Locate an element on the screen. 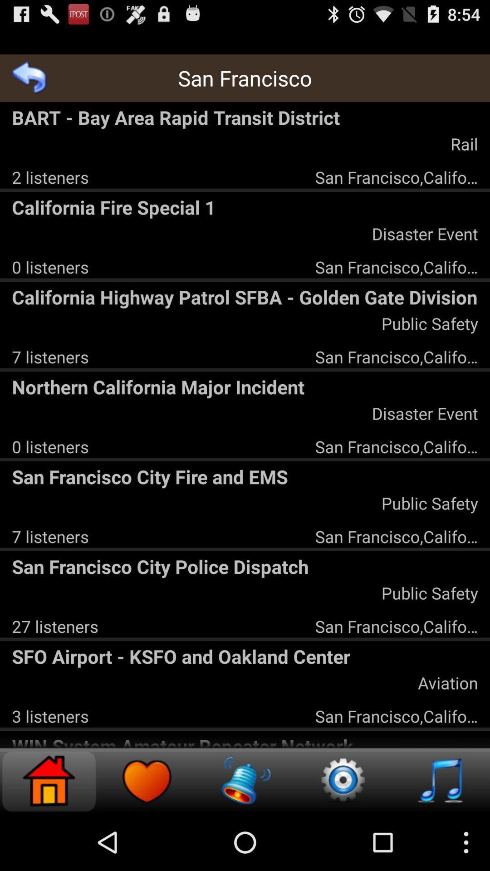 This screenshot has width=490, height=871. 27 listeners icon is located at coordinates (55, 626).